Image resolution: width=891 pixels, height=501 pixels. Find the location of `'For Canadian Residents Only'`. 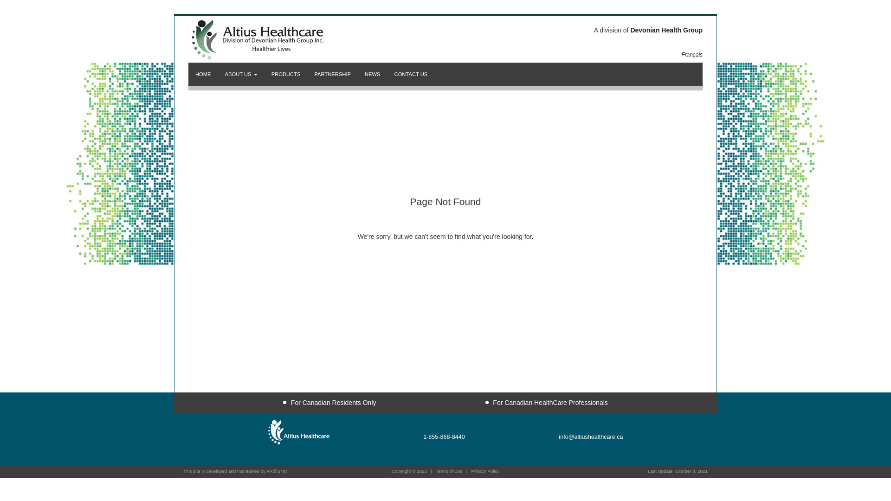

'For Canadian Residents Only' is located at coordinates (282, 402).